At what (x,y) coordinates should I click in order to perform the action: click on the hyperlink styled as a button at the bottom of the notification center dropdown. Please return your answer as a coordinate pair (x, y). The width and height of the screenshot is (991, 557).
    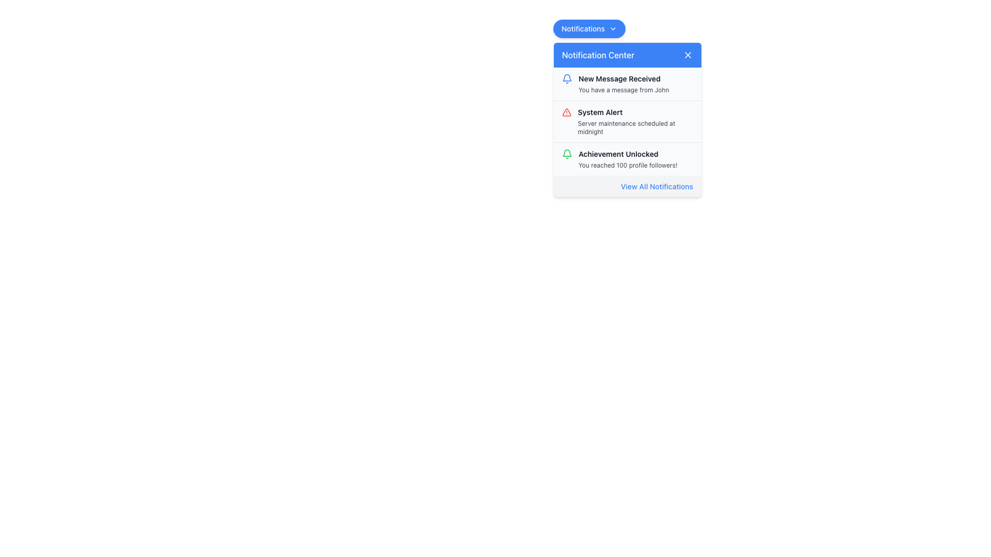
    Looking at the image, I should click on (627, 186).